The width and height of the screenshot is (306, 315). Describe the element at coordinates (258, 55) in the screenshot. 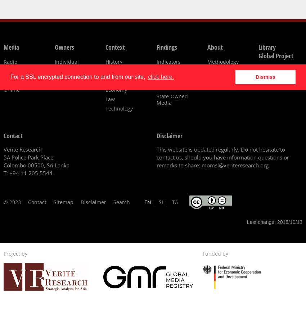

I see `'Global Project'` at that location.